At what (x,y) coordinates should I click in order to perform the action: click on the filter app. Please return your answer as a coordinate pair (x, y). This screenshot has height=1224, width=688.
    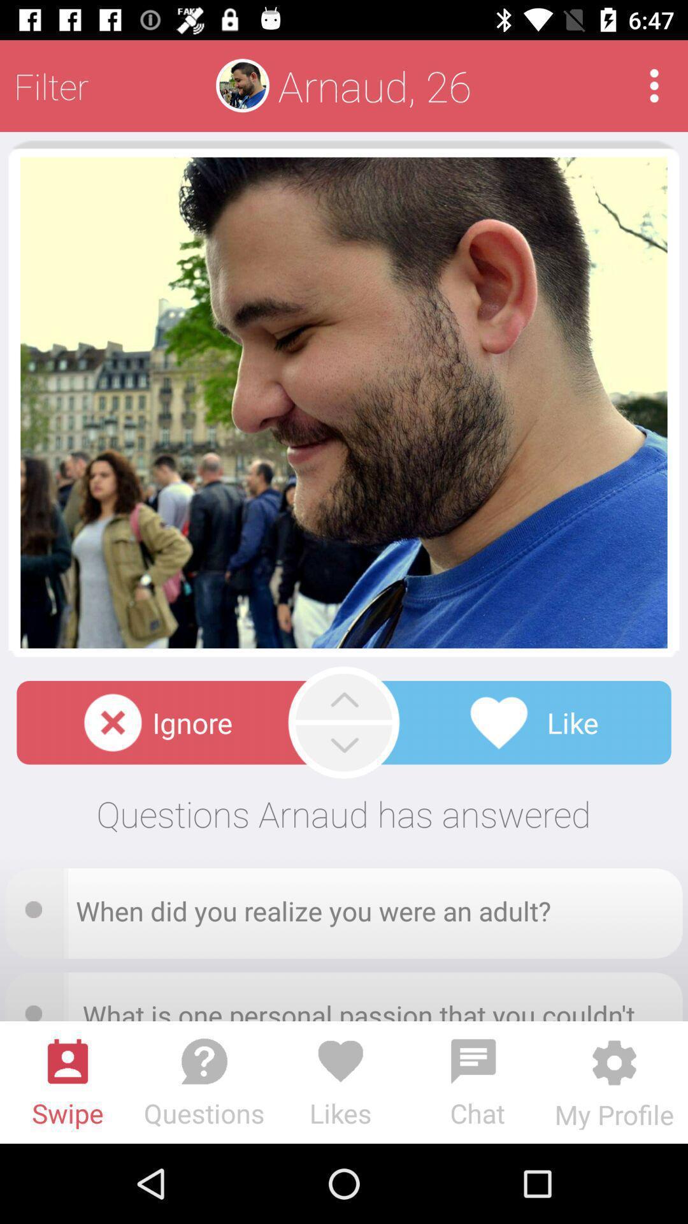
    Looking at the image, I should click on (50, 85).